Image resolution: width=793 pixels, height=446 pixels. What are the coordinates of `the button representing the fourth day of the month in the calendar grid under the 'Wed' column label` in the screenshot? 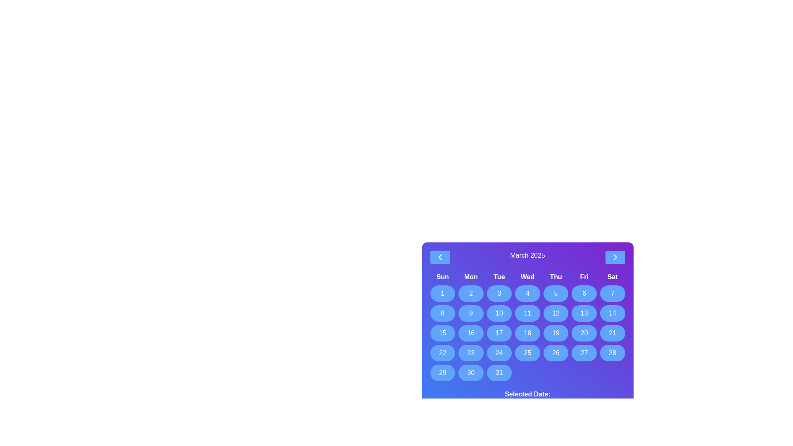 It's located at (527, 293).